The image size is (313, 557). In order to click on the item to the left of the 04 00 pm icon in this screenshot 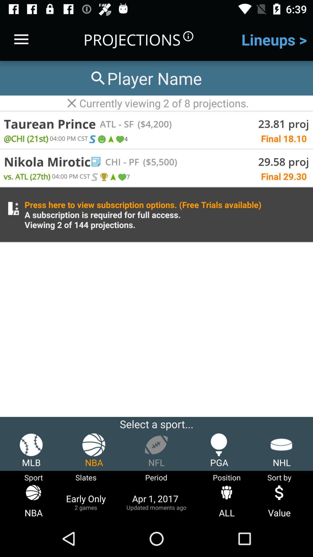, I will do `click(27, 176)`.